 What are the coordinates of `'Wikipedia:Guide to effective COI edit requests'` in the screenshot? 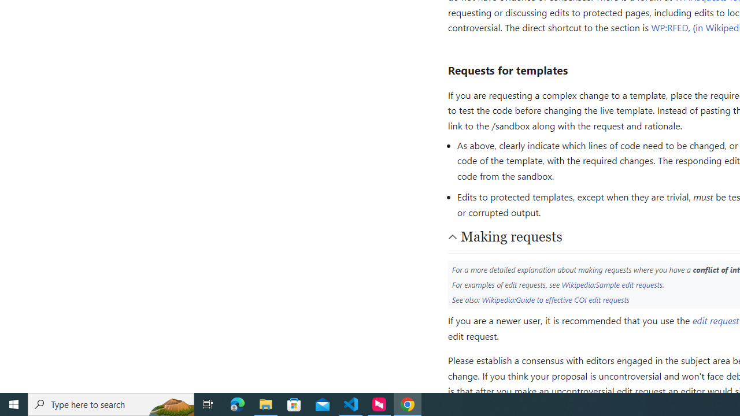 It's located at (556, 299).